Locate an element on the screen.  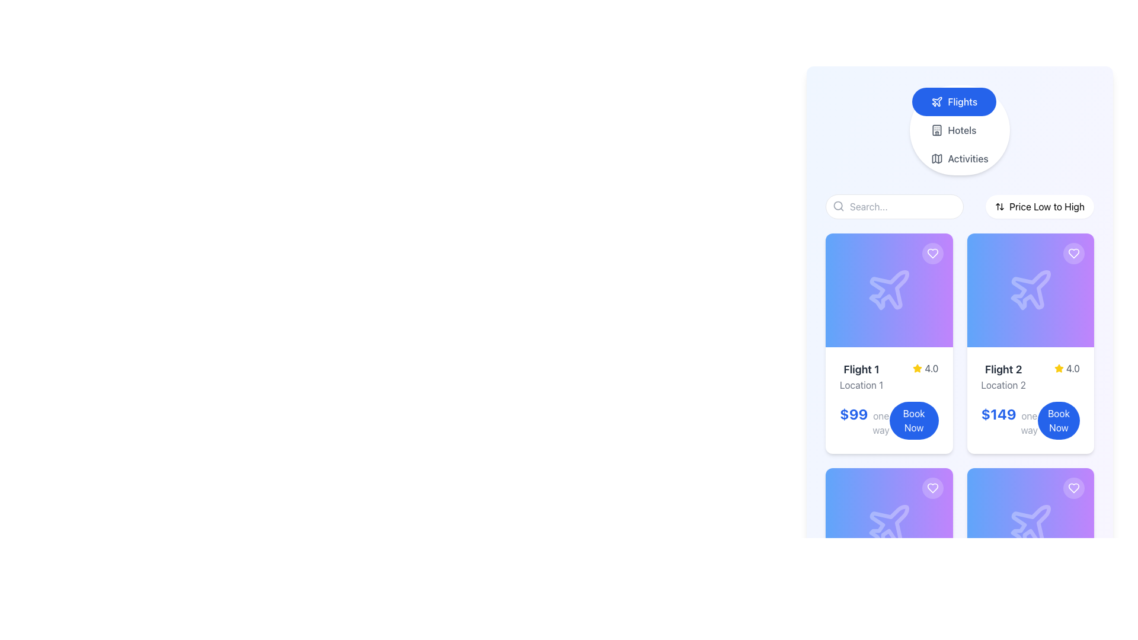
the 'Activities' icon located at the leftmost position of the group under the 'Activities' section is located at coordinates (936, 158).